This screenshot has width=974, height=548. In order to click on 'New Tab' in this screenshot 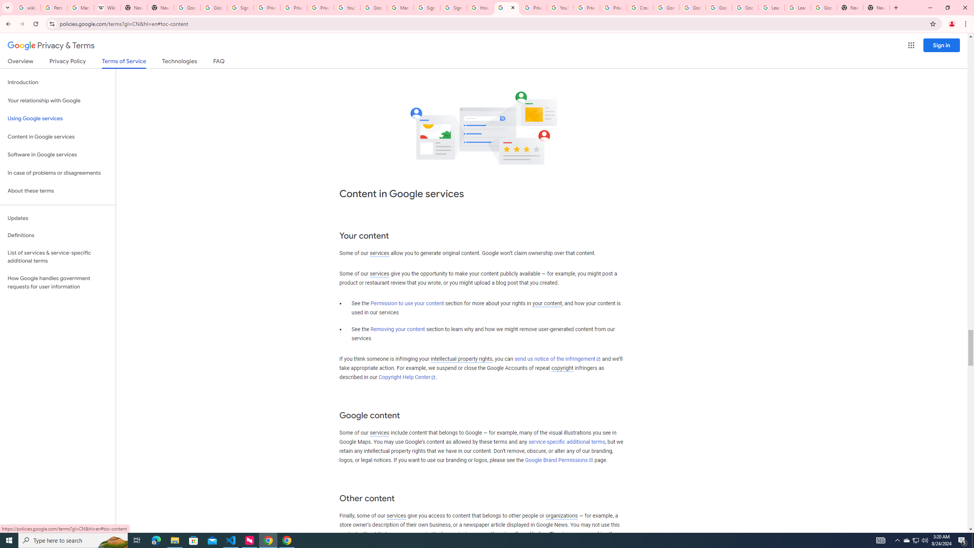, I will do `click(850, 7)`.